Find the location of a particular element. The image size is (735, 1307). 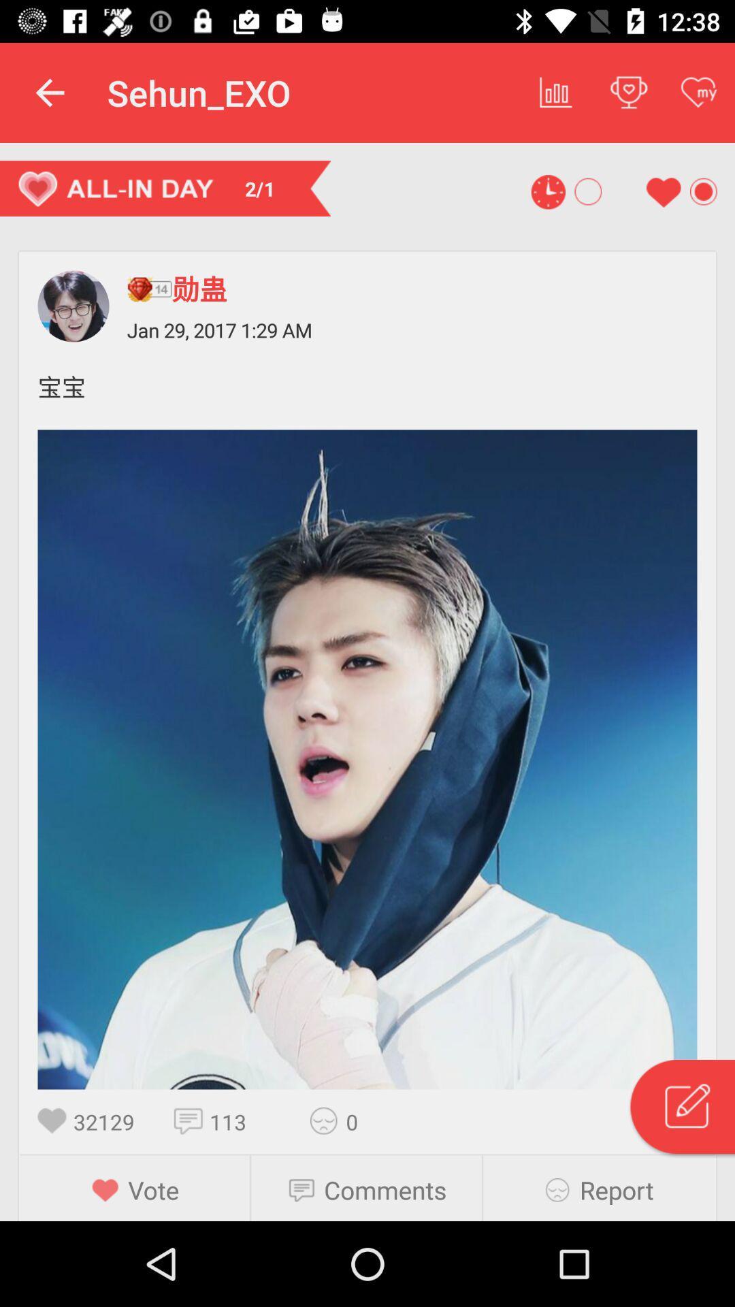

share the article is located at coordinates (328, 1120).